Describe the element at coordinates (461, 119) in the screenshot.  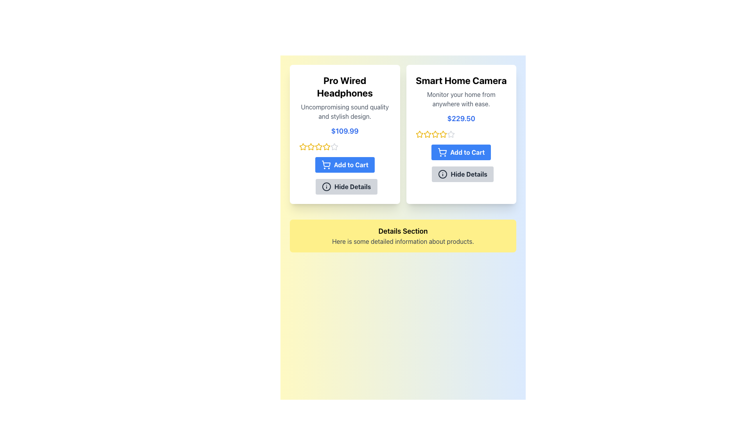
I see `text label displaying the price '$229.50', which is prominently styled in blue below the product description for the 'Smart Home Camera'` at that location.